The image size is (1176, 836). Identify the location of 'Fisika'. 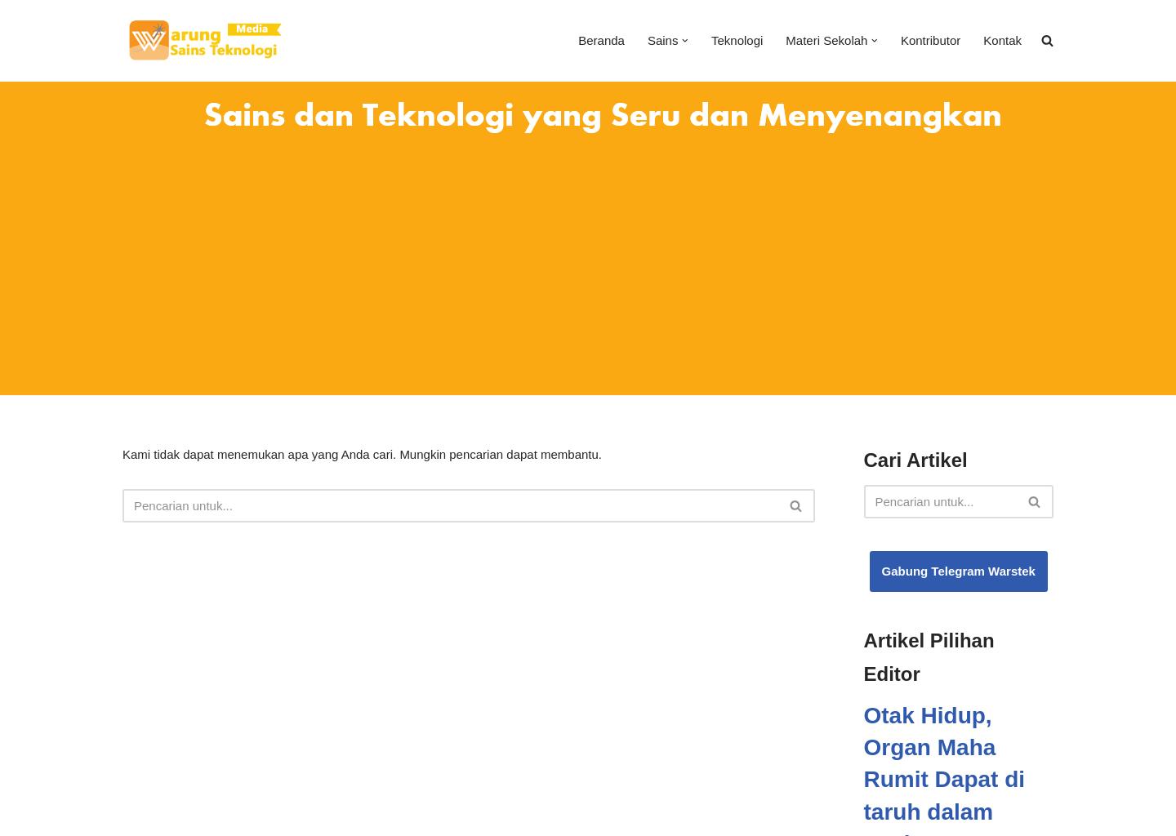
(780, 215).